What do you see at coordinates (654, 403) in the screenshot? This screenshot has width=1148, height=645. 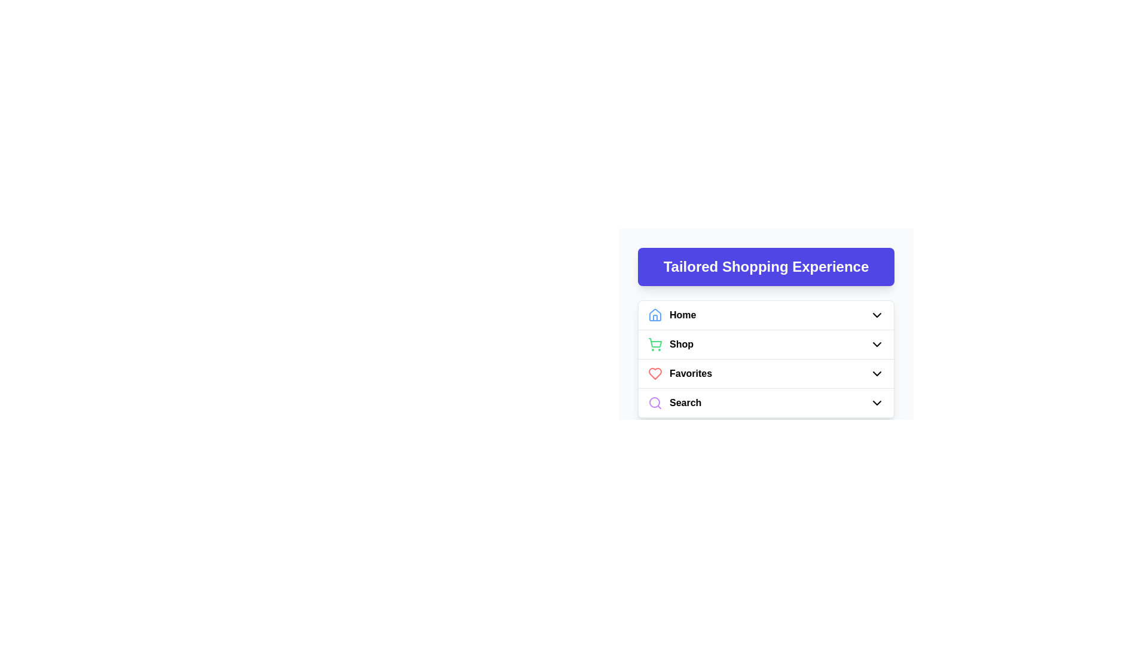 I see `the lens part of the magnifying glass icon, which represents the search function in the 'Search' menu item of the navigation options` at bounding box center [654, 403].